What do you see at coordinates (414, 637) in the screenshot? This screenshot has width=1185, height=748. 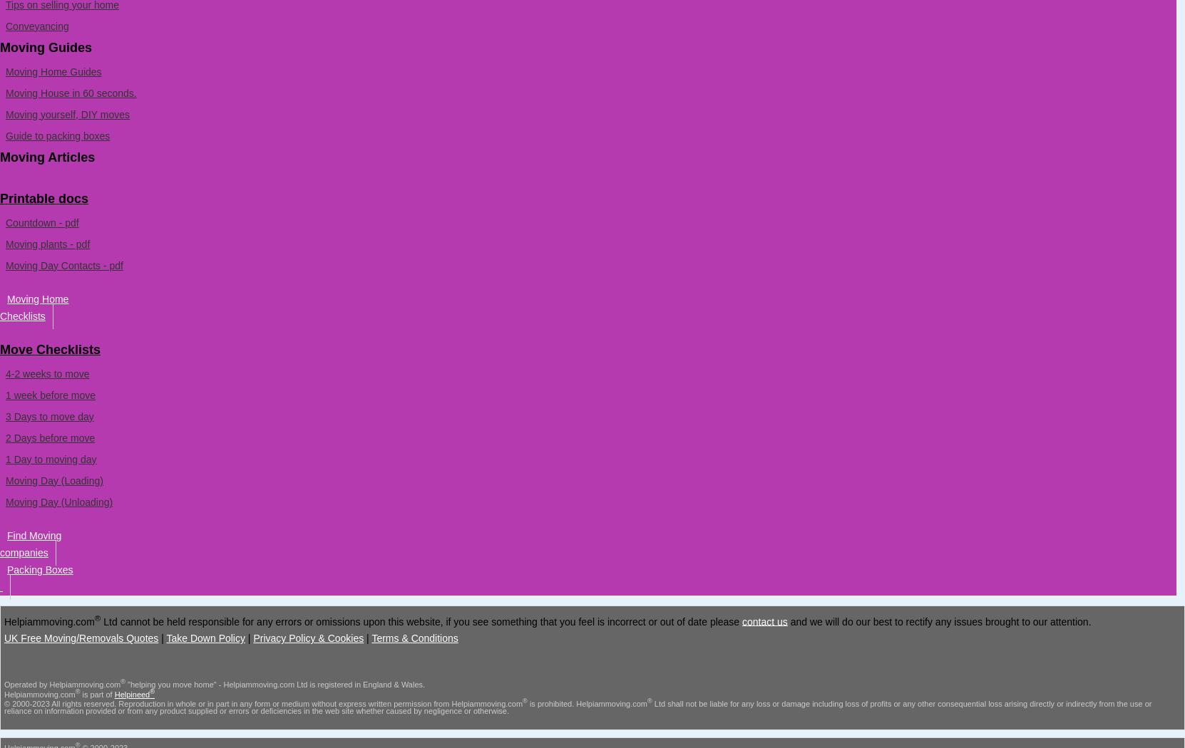 I see `'Terms & Conditions'` at bounding box center [414, 637].